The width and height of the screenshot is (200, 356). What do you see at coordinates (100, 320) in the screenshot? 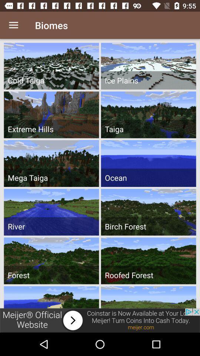
I see `the advertisement` at bounding box center [100, 320].